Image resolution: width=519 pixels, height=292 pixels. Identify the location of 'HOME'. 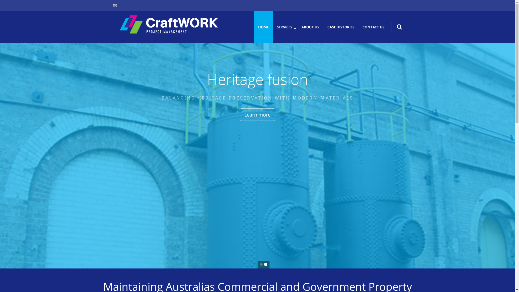
(263, 27).